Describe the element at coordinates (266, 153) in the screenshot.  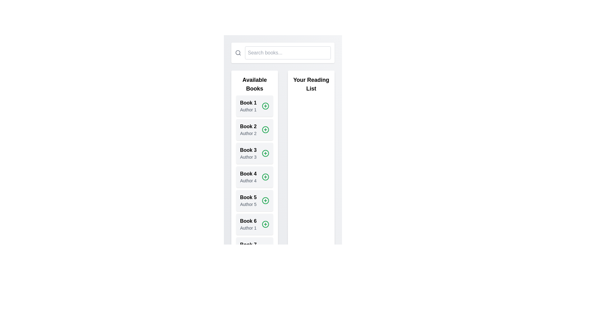
I see `the green circular outline icon with a plus sign, which is aligned with the book titled 'Book 3' authored by 'Author 3'` at that location.